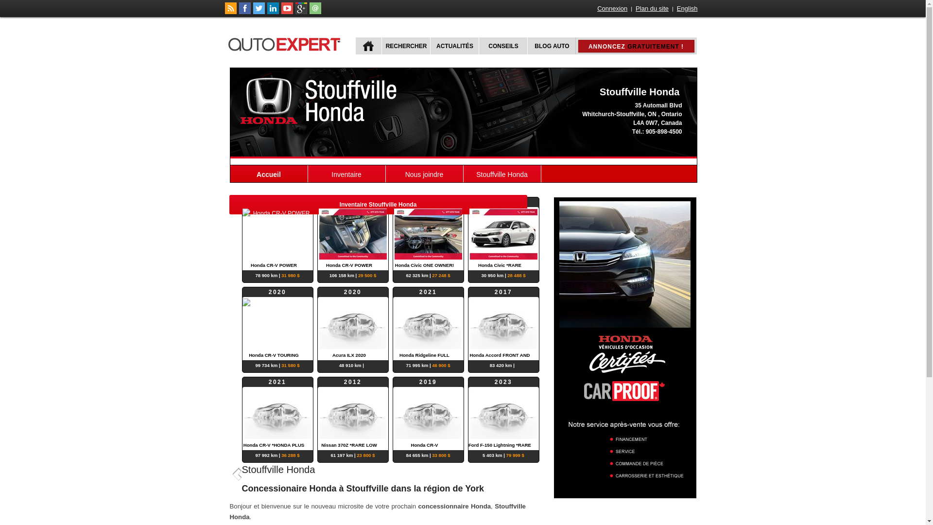 The width and height of the screenshot is (933, 525). Describe the element at coordinates (347, 173) in the screenshot. I see `'Inventaire'` at that location.